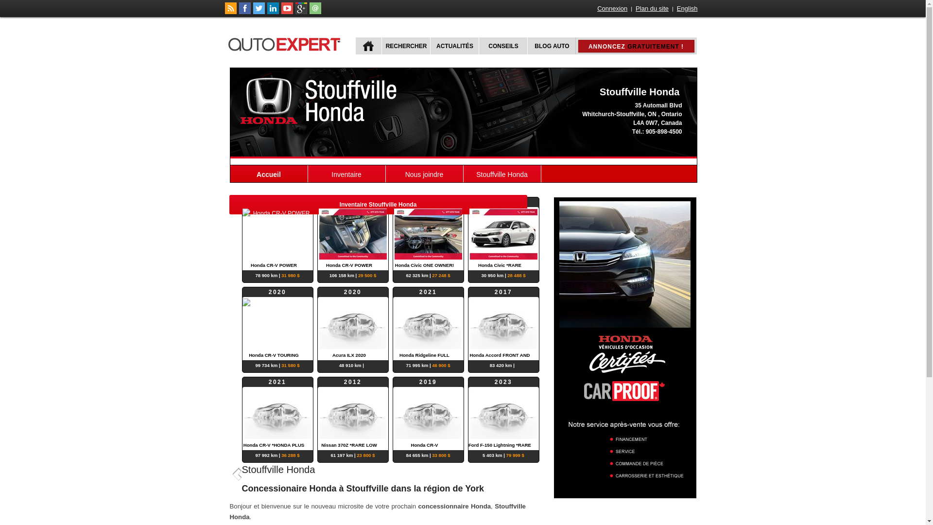 The width and height of the screenshot is (933, 525). Describe the element at coordinates (347, 173) in the screenshot. I see `'Inventaire'` at that location.